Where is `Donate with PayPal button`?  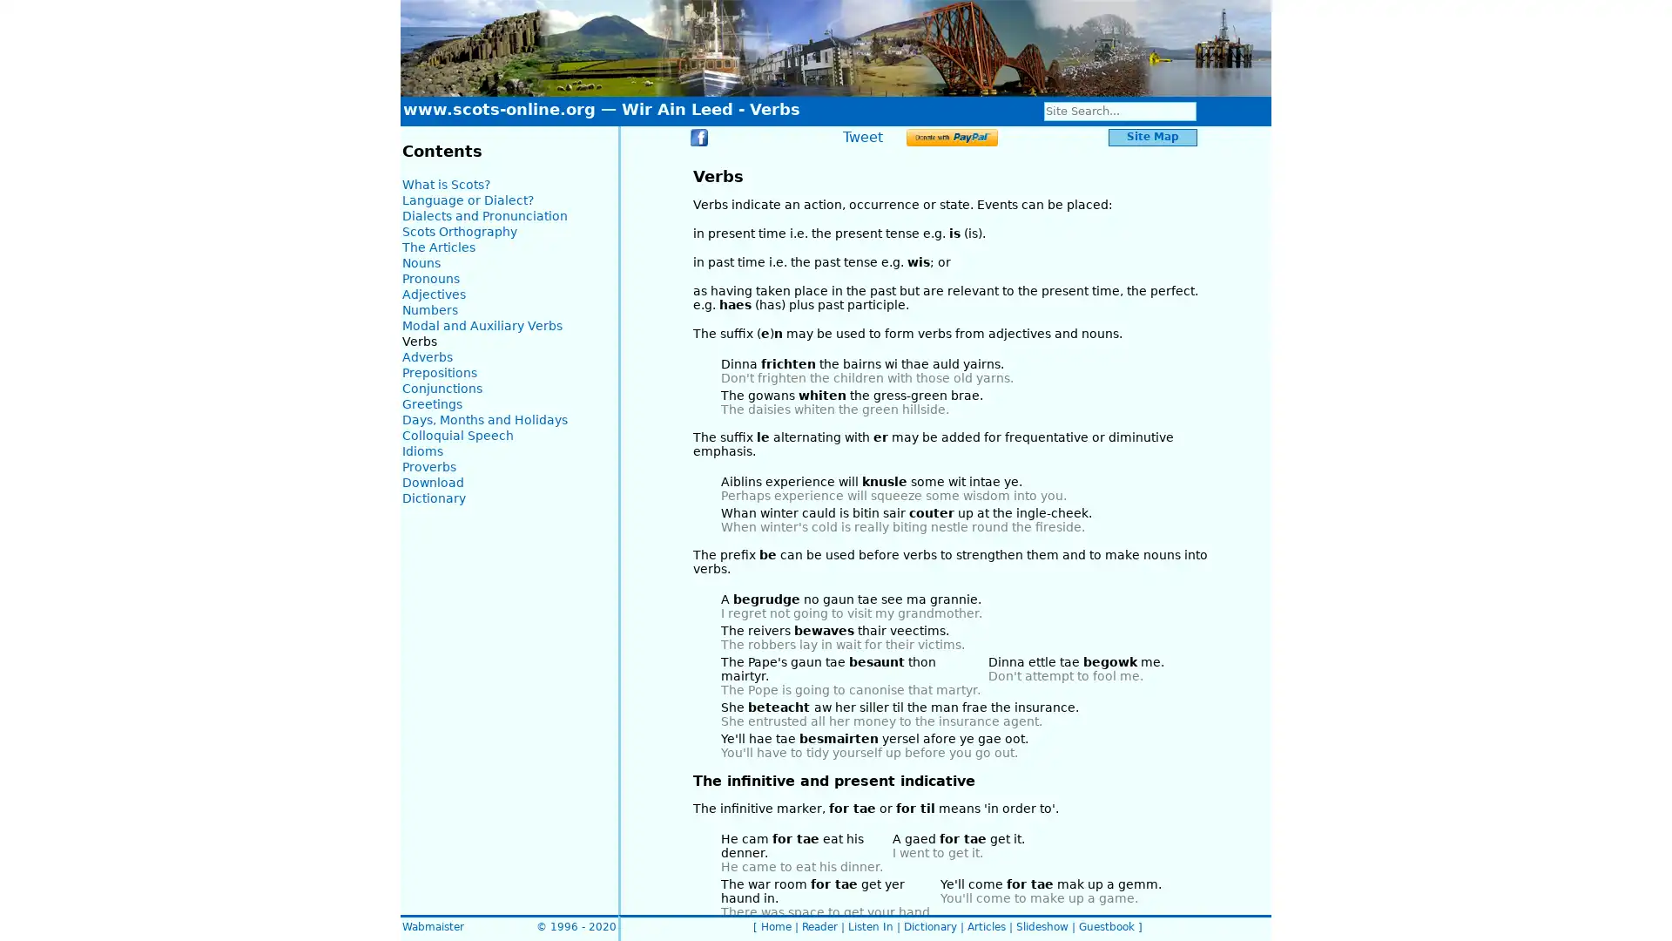 Donate with PayPal button is located at coordinates (951, 137).